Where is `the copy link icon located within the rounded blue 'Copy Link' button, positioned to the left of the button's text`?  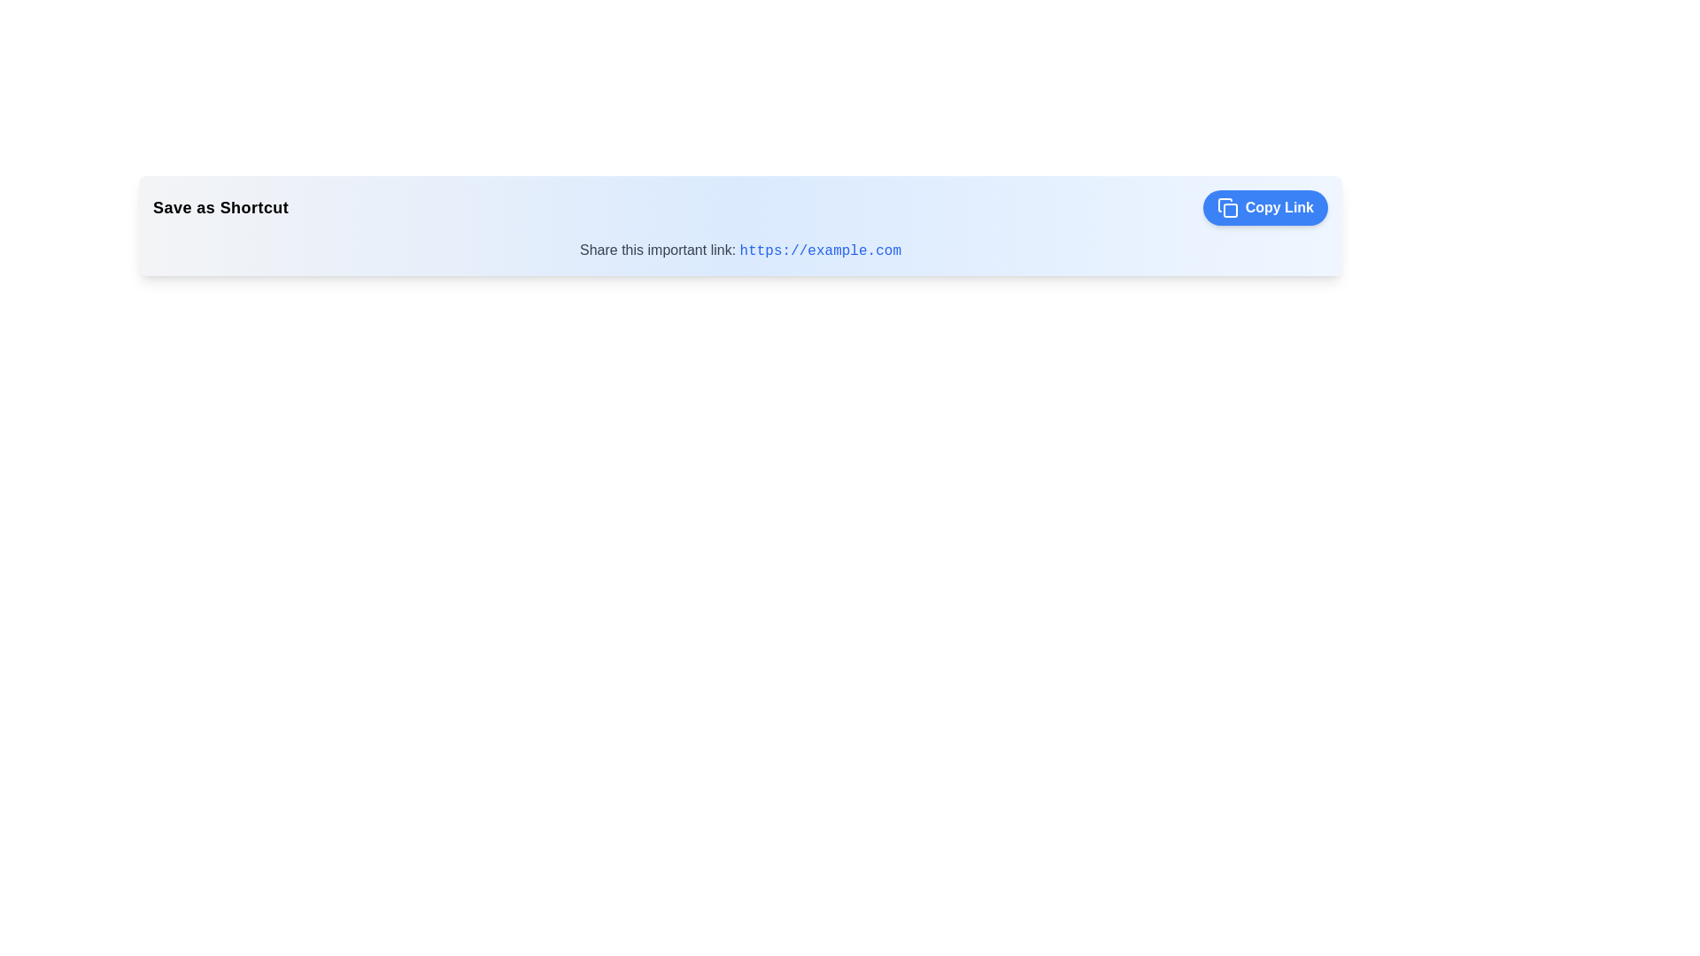 the copy link icon located within the rounded blue 'Copy Link' button, positioned to the left of the button's text is located at coordinates (1226, 207).